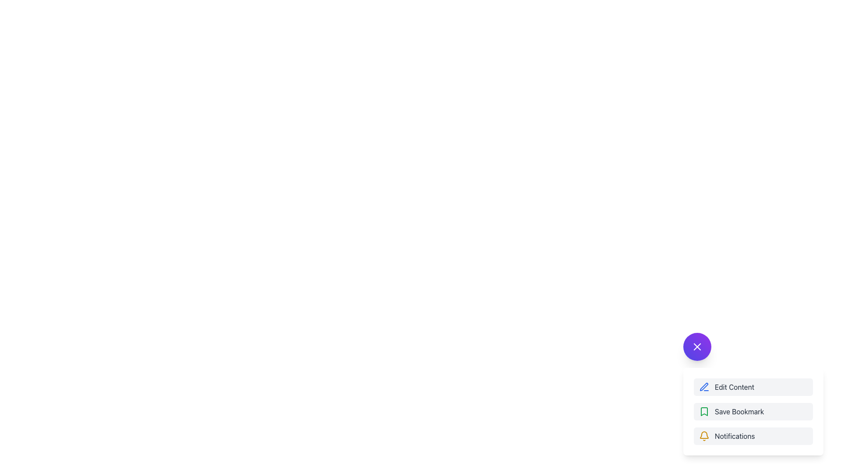 The height and width of the screenshot is (473, 841). What do you see at coordinates (735, 386) in the screenshot?
I see `text content of the 'Edit Content' label, which is displayed in dark gray on a light gray background and is part of a button in the menu located towards the bottom-right corner of the application` at bounding box center [735, 386].